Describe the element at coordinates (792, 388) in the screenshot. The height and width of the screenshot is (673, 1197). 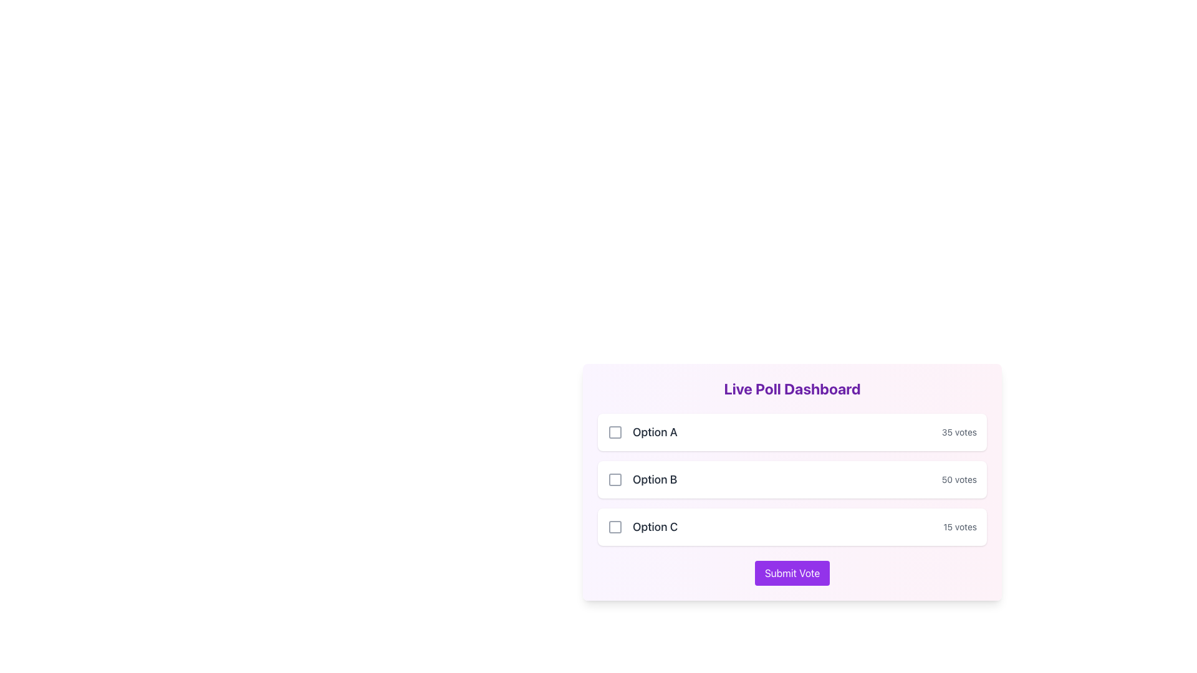
I see `the text label displaying 'Live Poll Dashboard' which is centered at the top of the poll widget's area, styled in bold large font with a vibrant purple shade` at that location.